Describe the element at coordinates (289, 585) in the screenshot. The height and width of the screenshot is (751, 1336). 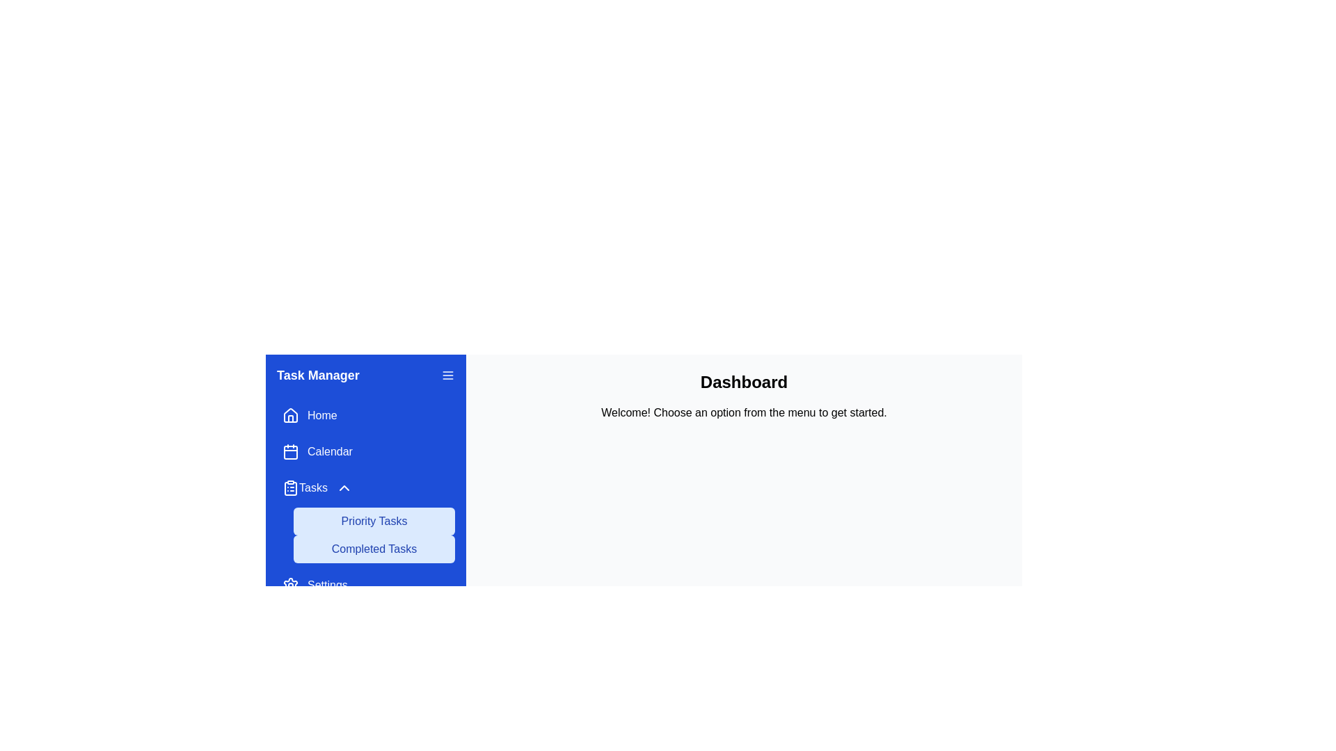
I see `the settings icon, which is an SVG-based gear-like structure located at the bottom of the sidebar navigation panel, below the 'Tasks' section` at that location.